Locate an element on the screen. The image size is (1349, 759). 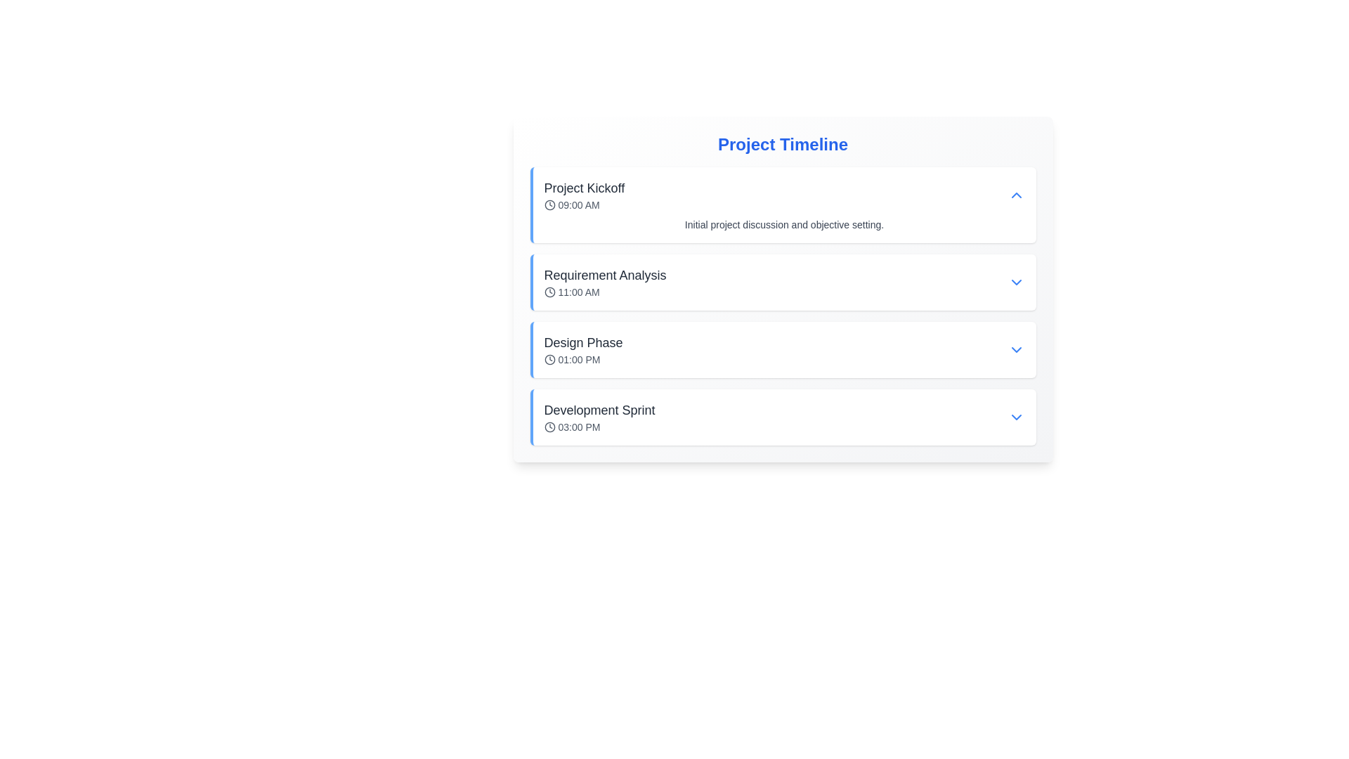
the circular base of the clock icon, which is part of the clock representation adjacent to the '03:00 PM' time indication for the 'Development Sprint' task is located at coordinates (549, 427).